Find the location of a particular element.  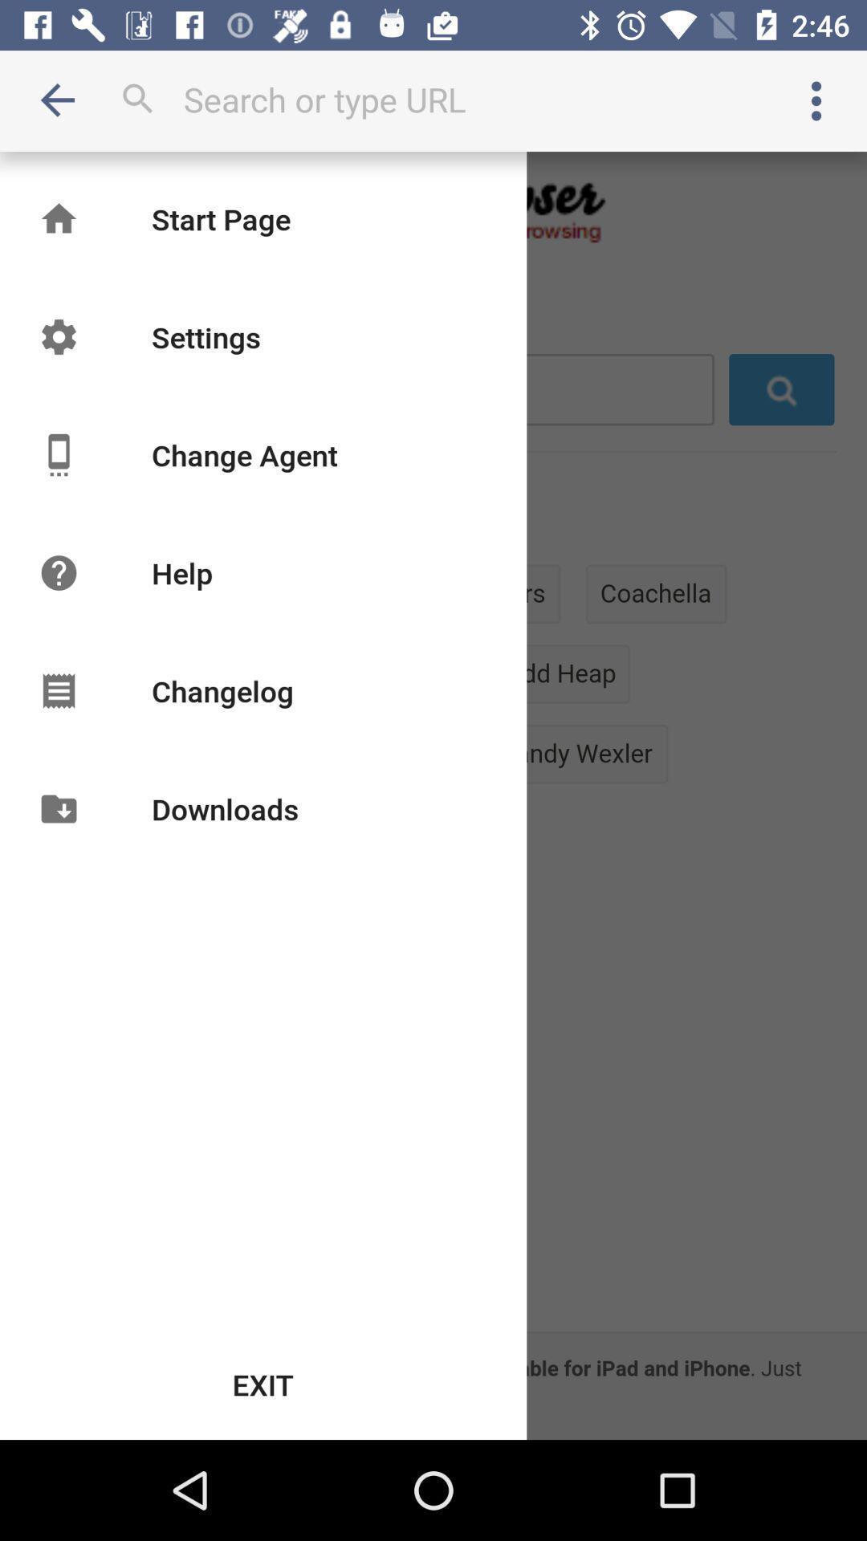

the exit is located at coordinates (263, 1384).